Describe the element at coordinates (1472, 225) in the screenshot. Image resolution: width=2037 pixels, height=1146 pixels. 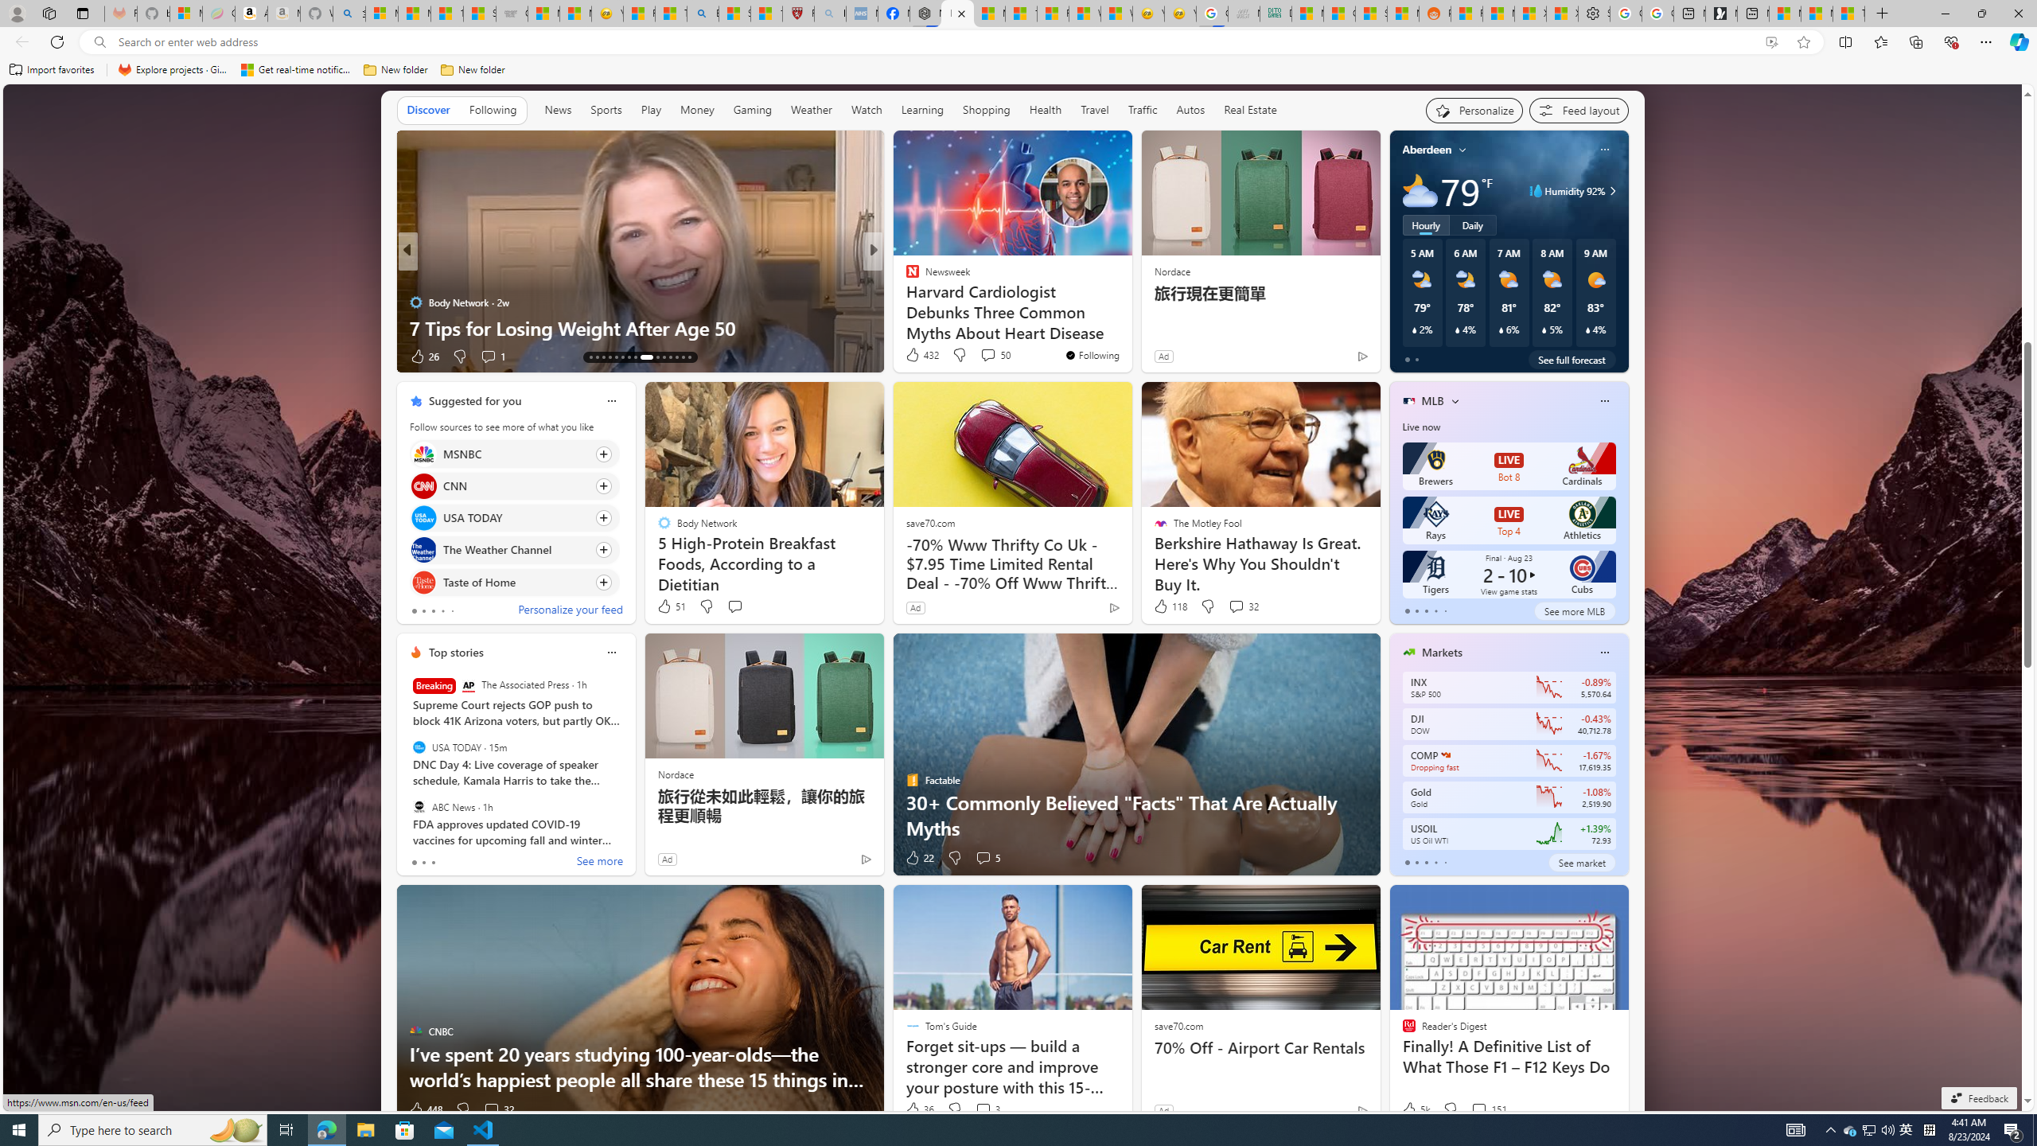
I see `'Daily'` at that location.